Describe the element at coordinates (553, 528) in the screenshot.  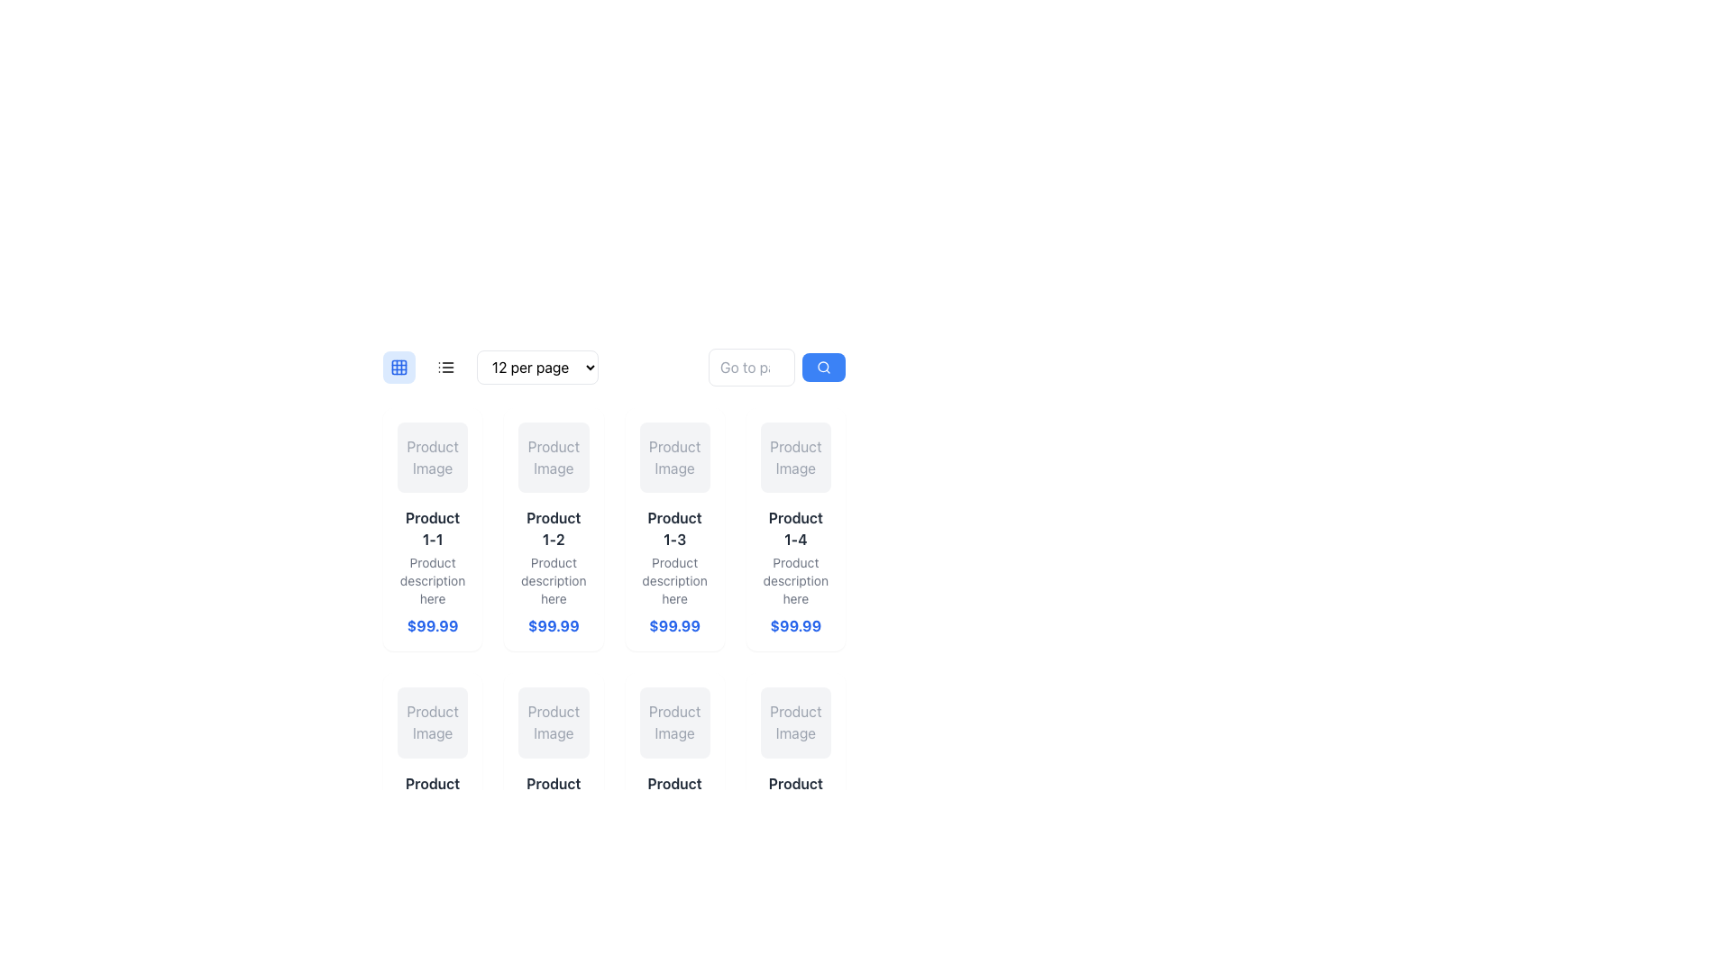
I see `static text label that serves as the title or identifier for a product in the second column of the grid layout, located at the top of the product card` at that location.